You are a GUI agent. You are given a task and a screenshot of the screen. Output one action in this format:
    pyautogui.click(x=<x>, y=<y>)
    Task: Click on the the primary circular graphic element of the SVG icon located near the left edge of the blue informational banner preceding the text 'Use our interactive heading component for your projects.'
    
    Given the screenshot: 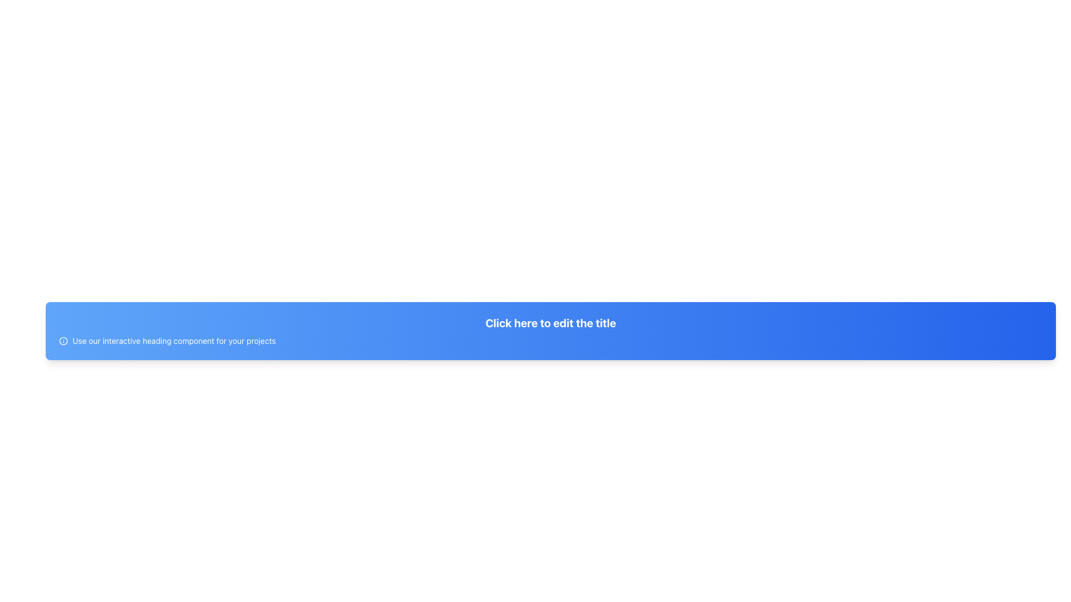 What is the action you would take?
    pyautogui.click(x=63, y=341)
    